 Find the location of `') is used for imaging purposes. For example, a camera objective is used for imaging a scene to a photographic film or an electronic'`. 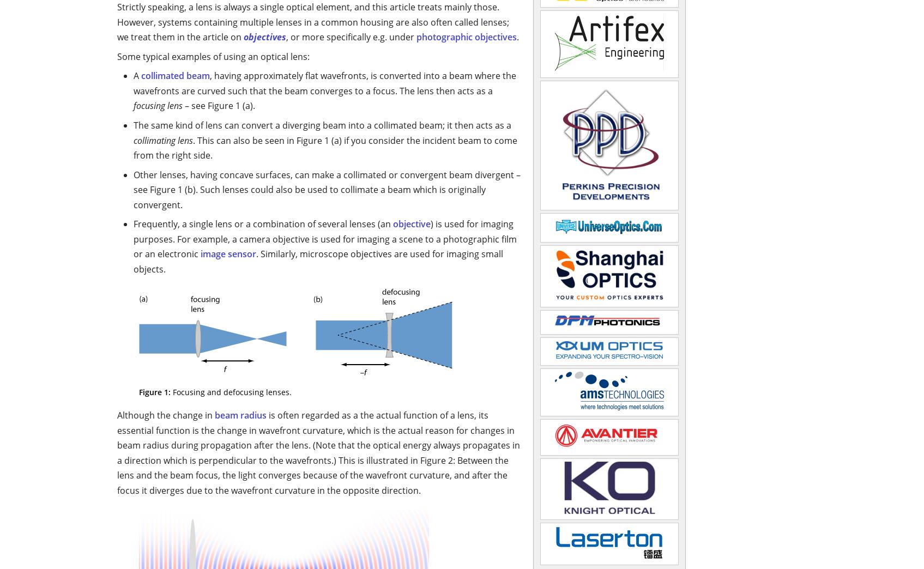

') is used for imaging purposes. For example, a camera objective is used for imaging a scene to a photographic film or an electronic' is located at coordinates (324, 238).